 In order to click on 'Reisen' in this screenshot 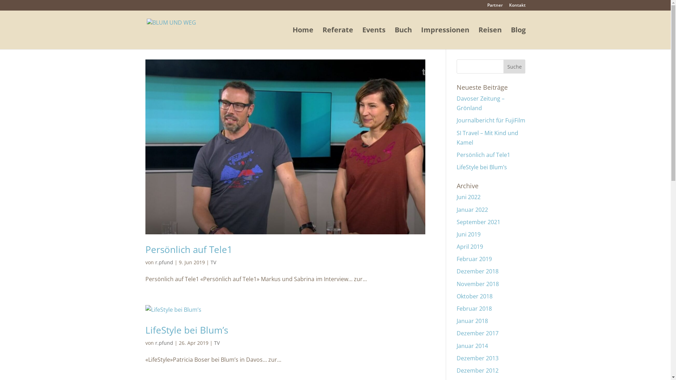, I will do `click(478, 38)`.